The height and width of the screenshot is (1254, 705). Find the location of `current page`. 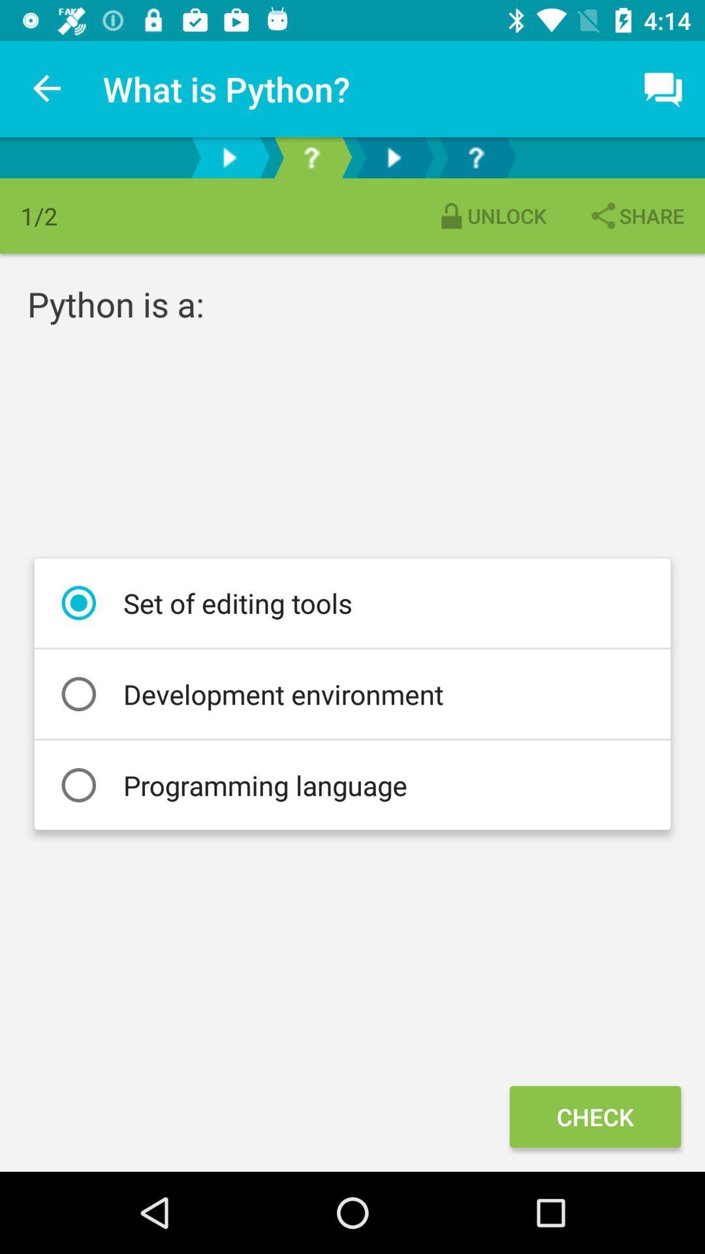

current page is located at coordinates (311, 157).